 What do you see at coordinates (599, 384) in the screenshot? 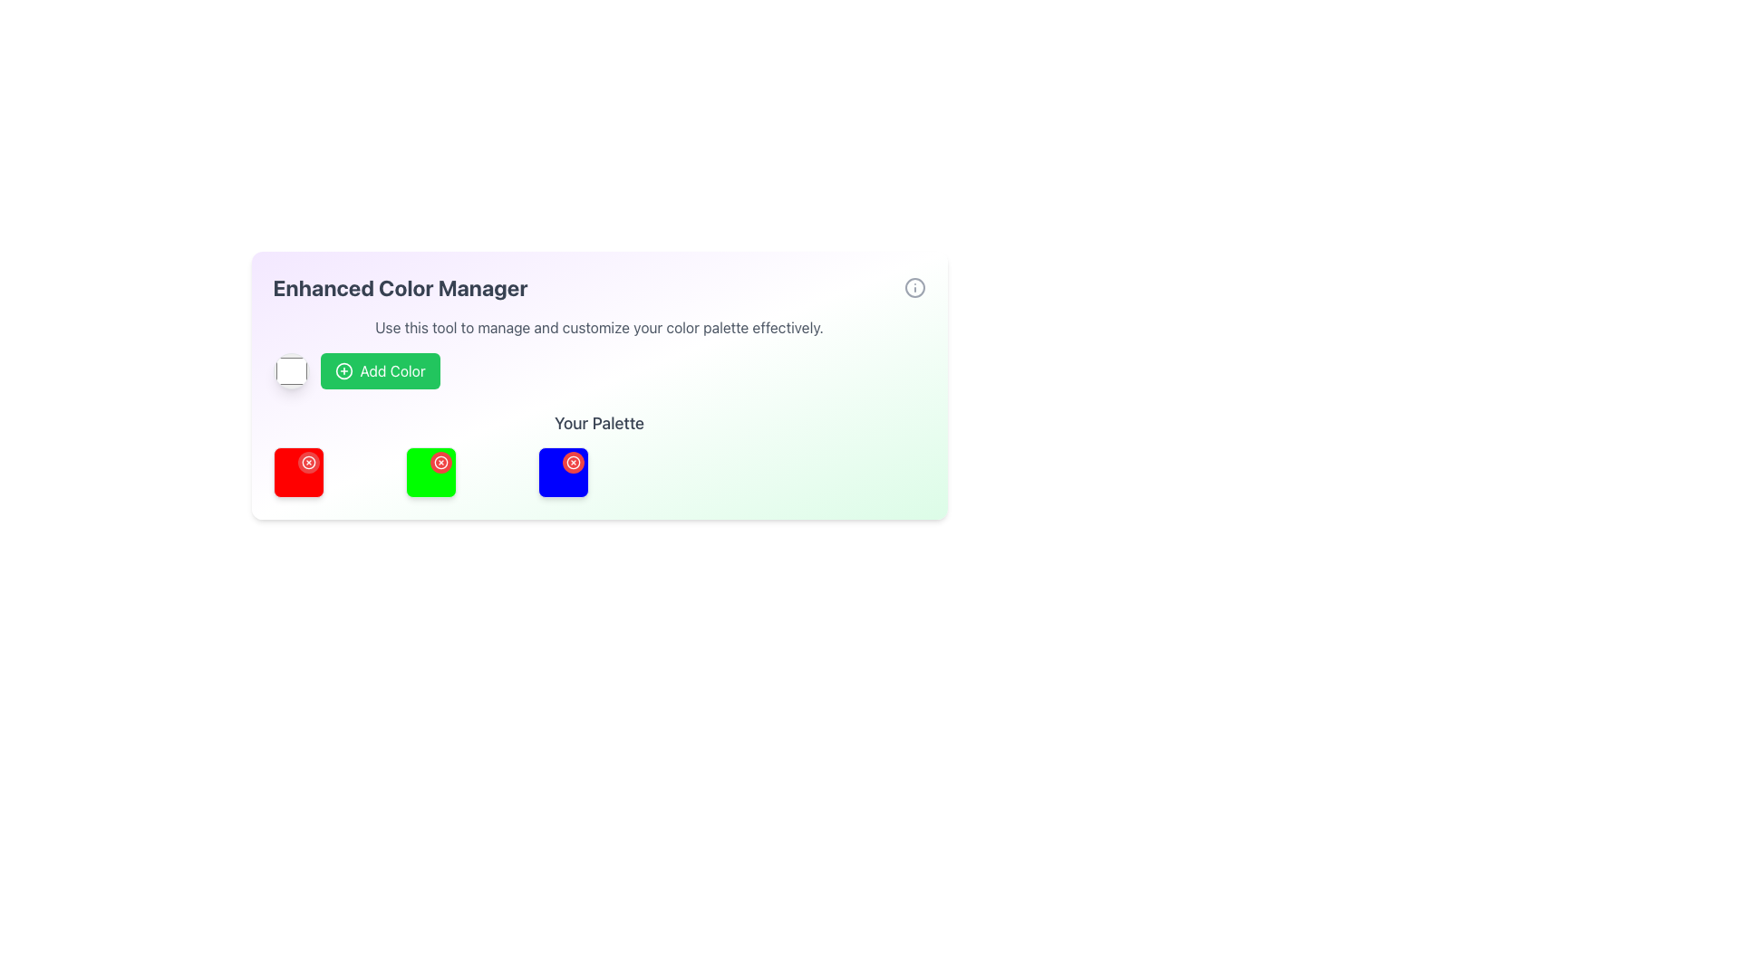
I see `the color selector button within the 'Enhanced Color Manager' card, which has a gradient background transitioning from purple to green` at bounding box center [599, 384].